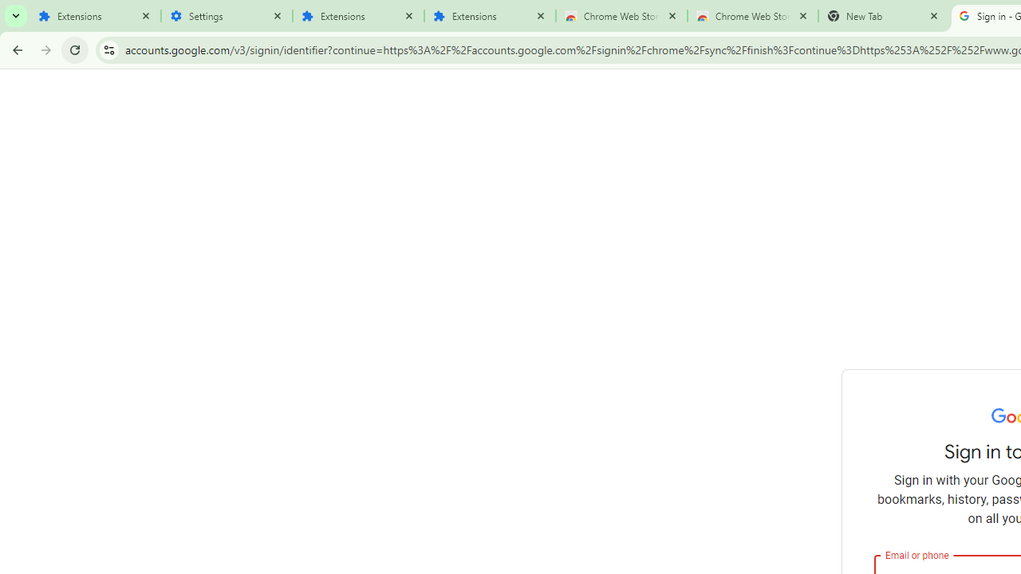 The height and width of the screenshot is (574, 1021). I want to click on 'New Tab', so click(883, 16).